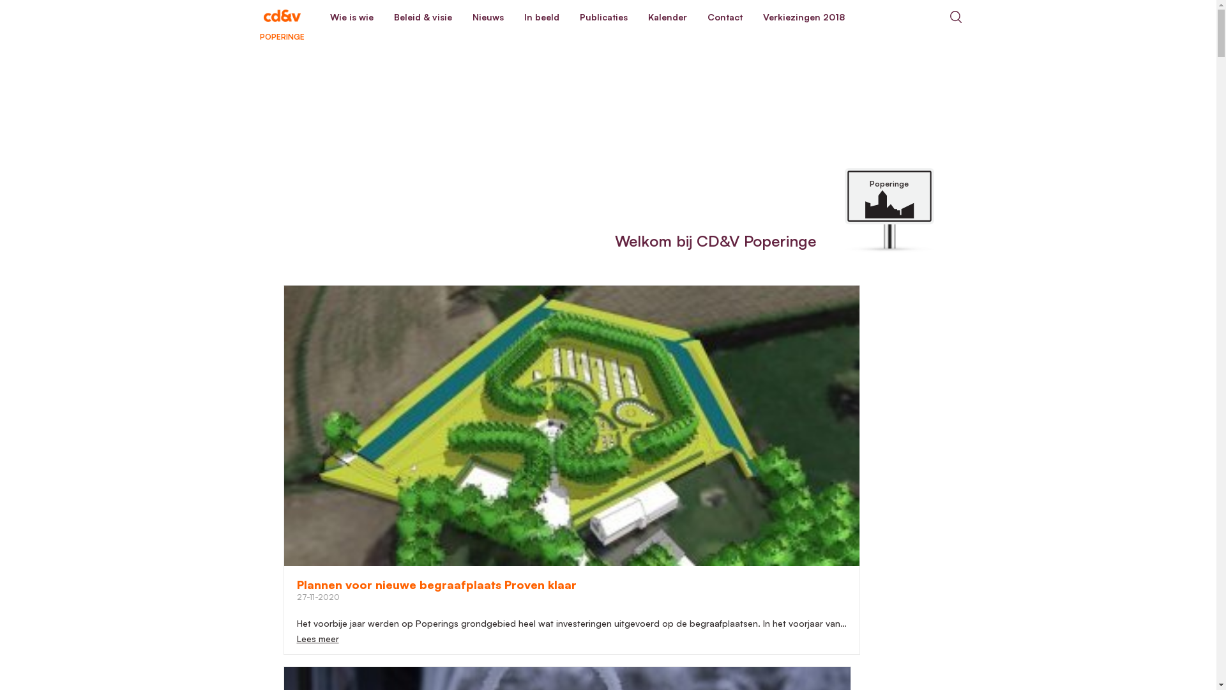 The height and width of the screenshot is (690, 1226). What do you see at coordinates (319, 17) in the screenshot?
I see `'Wie is wie'` at bounding box center [319, 17].